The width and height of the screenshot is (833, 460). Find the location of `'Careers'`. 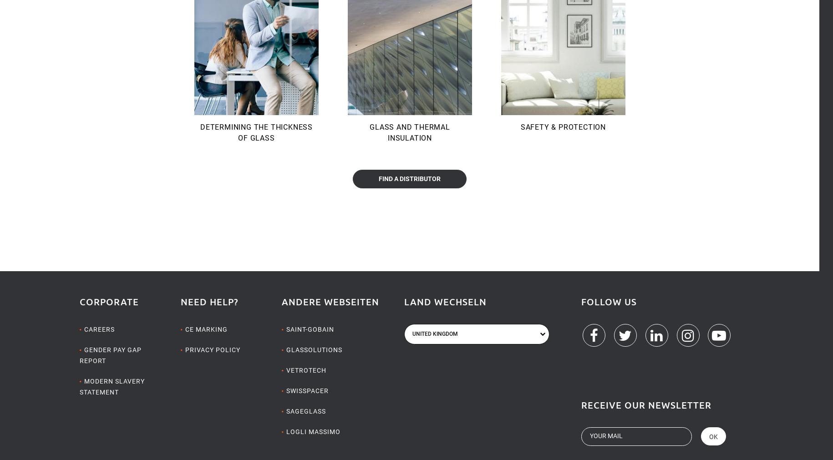

'Careers' is located at coordinates (99, 329).